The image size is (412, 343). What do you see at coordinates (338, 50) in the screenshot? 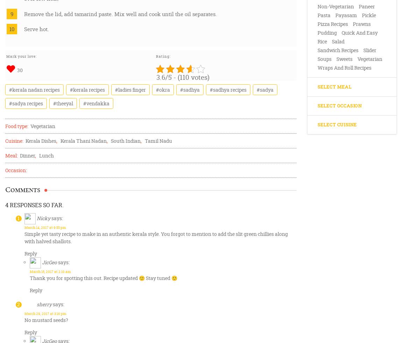
I see `'Sandwich Recipes'` at bounding box center [338, 50].